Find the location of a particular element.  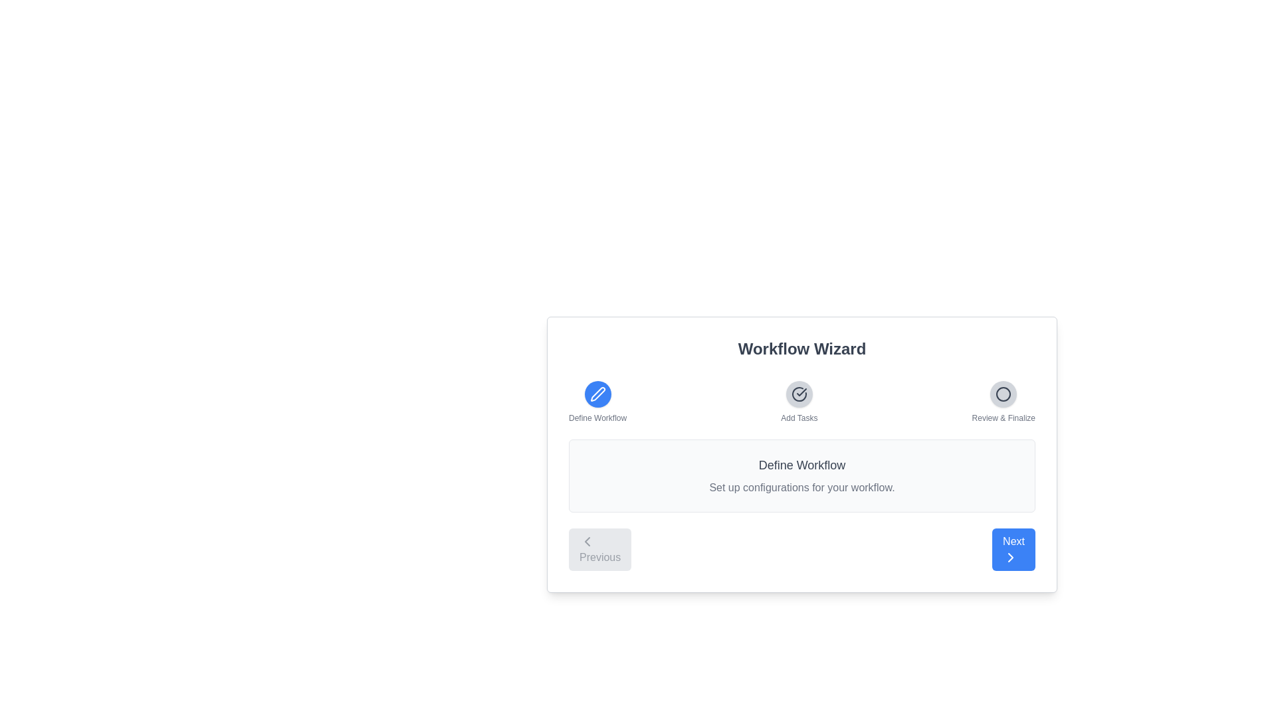

the 'Add Tasks' Icon, which features a circular checkmark design and is the second element in a set of three icons in the workflow wizard is located at coordinates (798, 394).